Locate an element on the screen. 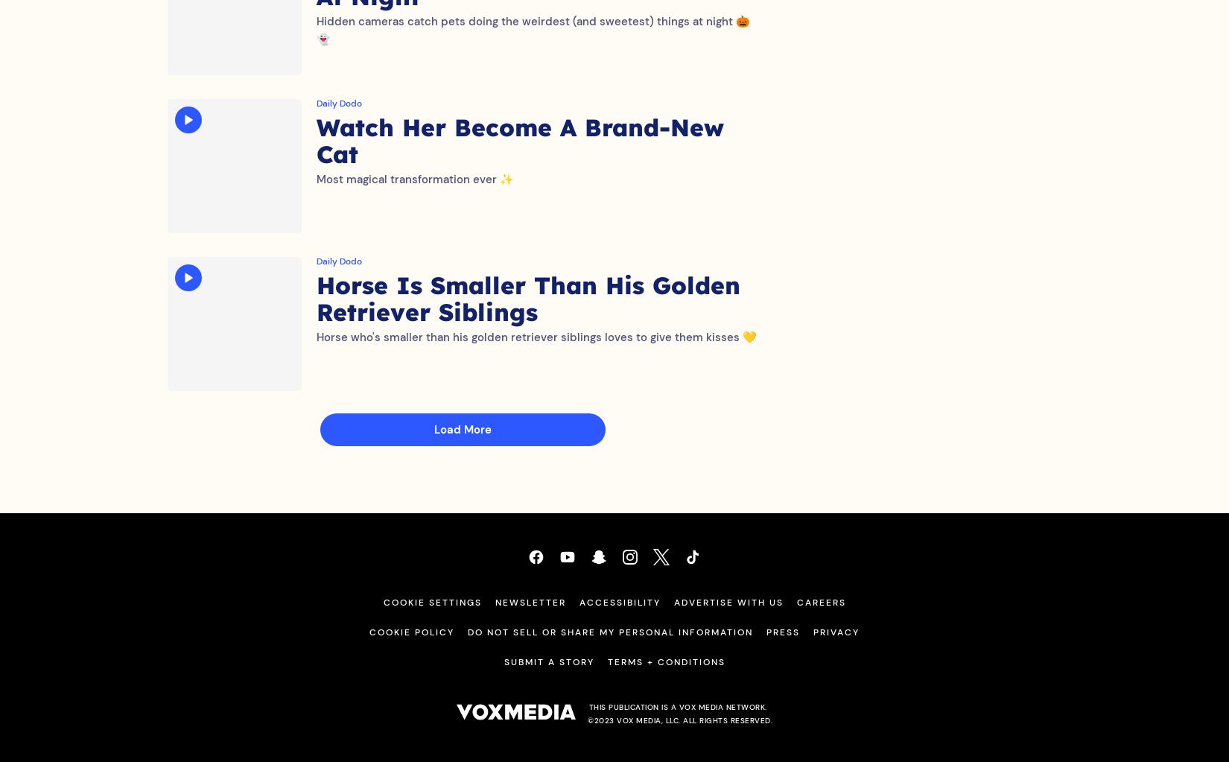 The height and width of the screenshot is (762, 1229). 'Horse who's smaller than his golden retriever siblings loves to give them kisses 💛' is located at coordinates (536, 352).